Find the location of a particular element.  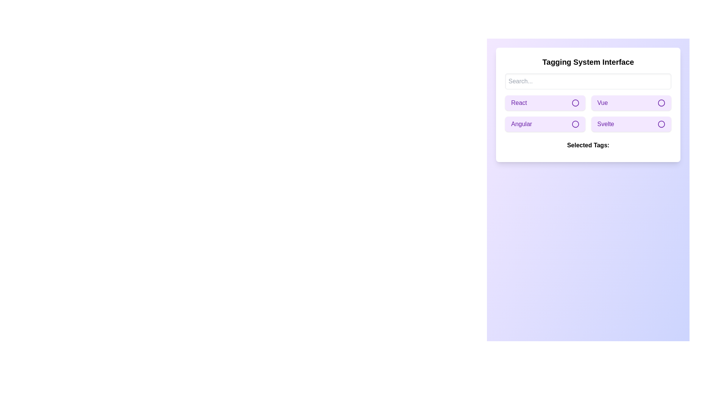

the selectable button for the Angular framework, which is the third button in a 2x2 grid layout is located at coordinates (544, 123).